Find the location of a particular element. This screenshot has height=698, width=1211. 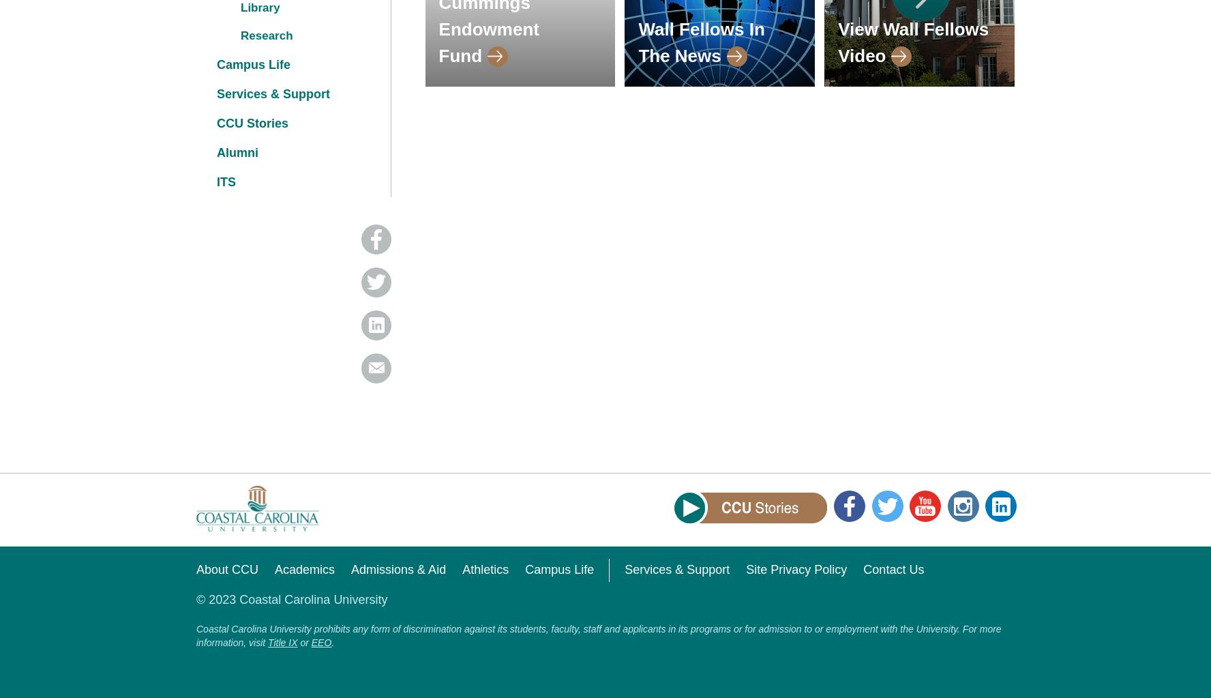

'Research' is located at coordinates (240, 35).